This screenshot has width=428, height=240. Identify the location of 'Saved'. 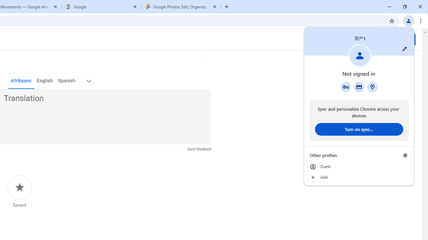
(19, 192).